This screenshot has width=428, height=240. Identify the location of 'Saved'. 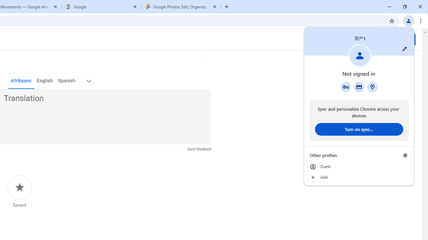
(19, 192).